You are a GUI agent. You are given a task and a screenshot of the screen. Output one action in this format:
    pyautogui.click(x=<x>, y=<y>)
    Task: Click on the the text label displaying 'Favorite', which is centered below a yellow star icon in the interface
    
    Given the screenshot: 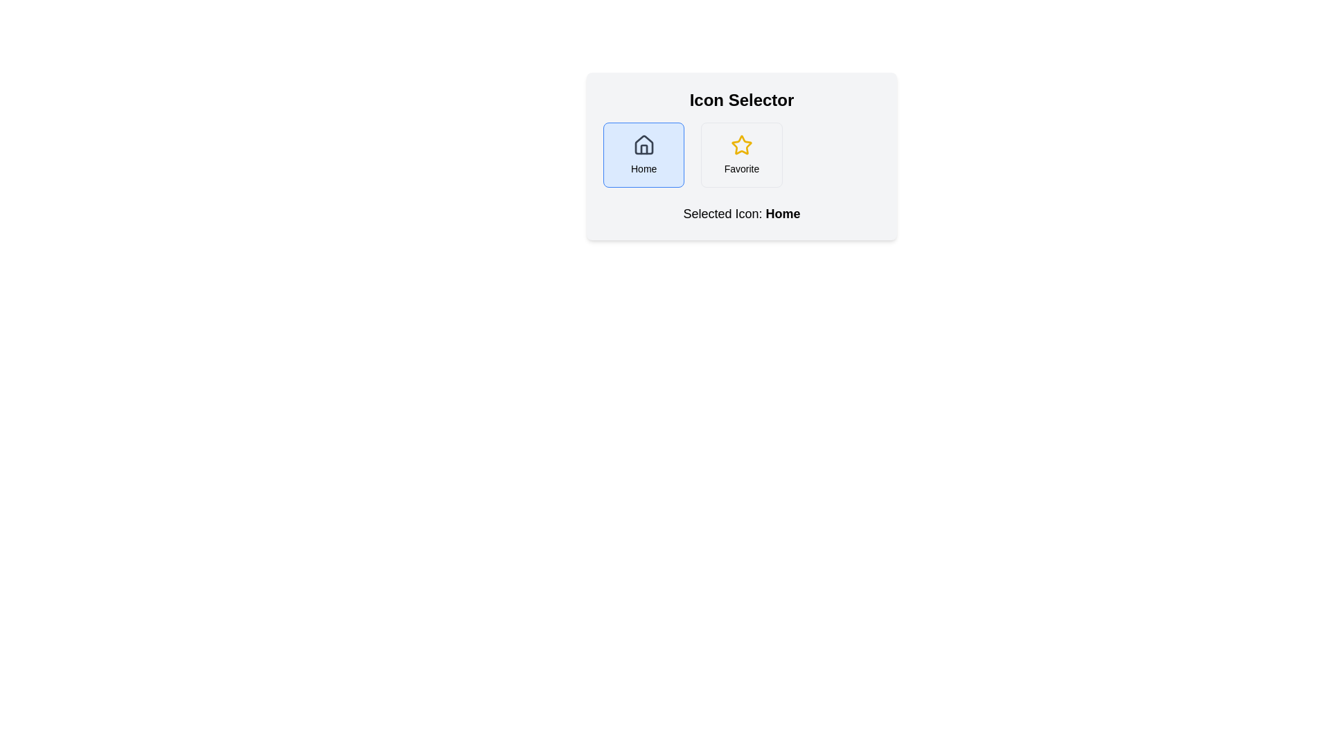 What is the action you would take?
    pyautogui.click(x=741, y=168)
    